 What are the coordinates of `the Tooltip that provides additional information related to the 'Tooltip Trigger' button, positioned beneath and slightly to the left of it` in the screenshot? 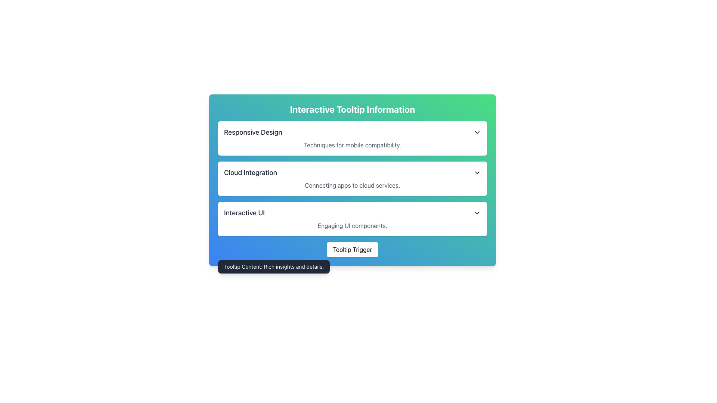 It's located at (273, 266).